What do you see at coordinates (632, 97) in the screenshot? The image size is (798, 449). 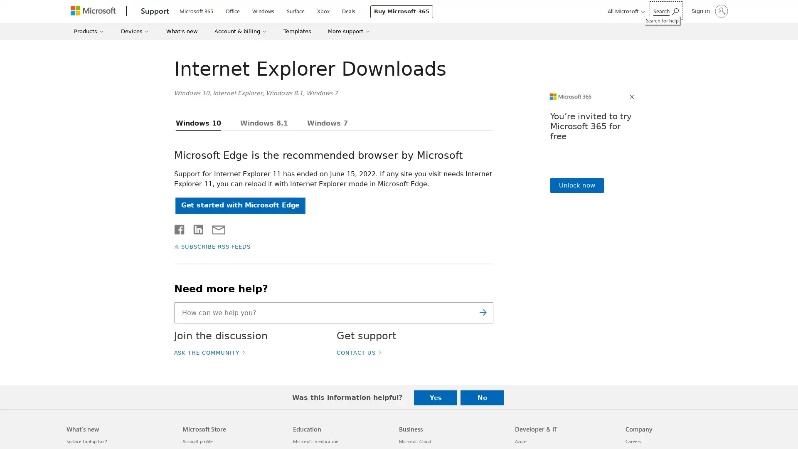 I see `Close upgrade banner` at bounding box center [632, 97].